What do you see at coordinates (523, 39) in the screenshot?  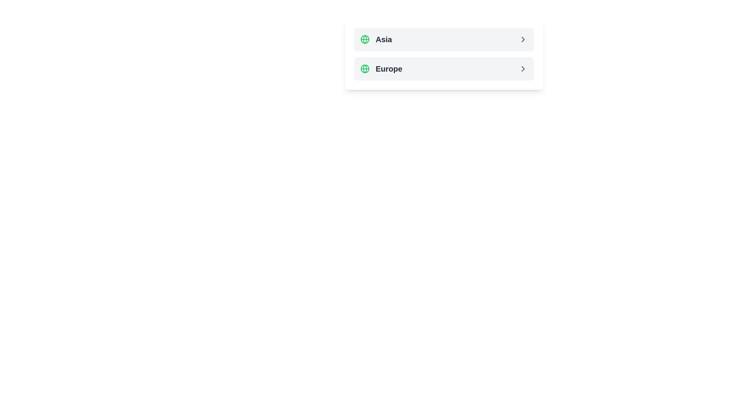 I see `the right-facing chevron icon in the 'Asia' row` at bounding box center [523, 39].